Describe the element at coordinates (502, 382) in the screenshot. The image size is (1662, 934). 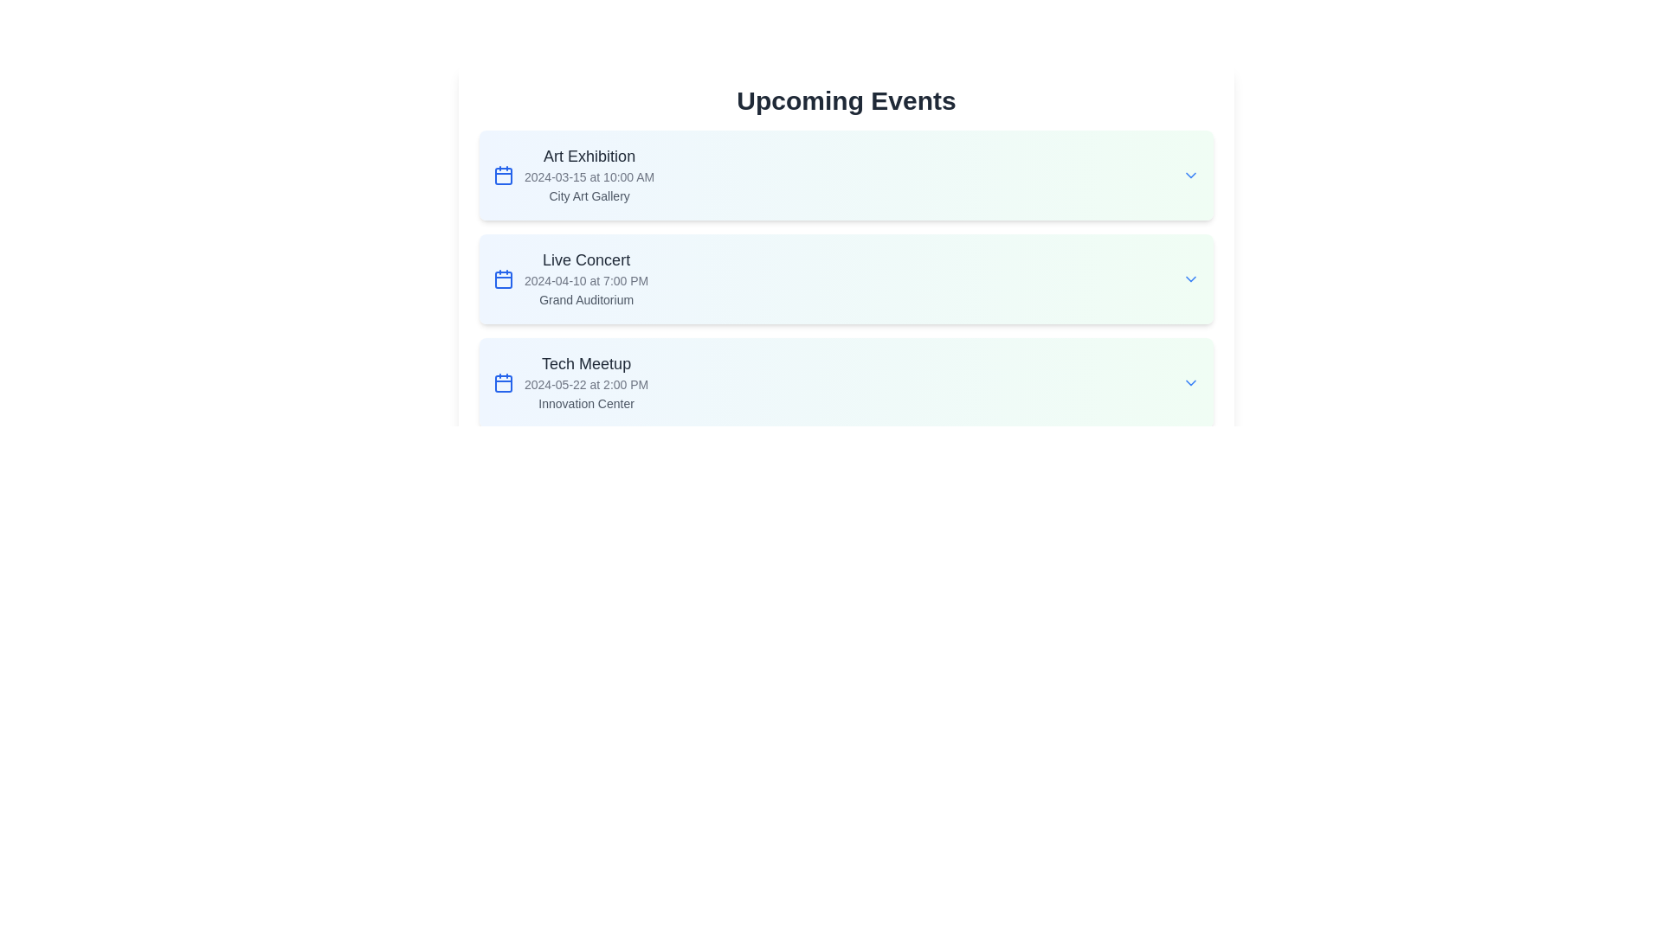
I see `the calendar icon representing the date and time for the 'Tech Meetup' event in the 'Upcoming Events' list` at that location.